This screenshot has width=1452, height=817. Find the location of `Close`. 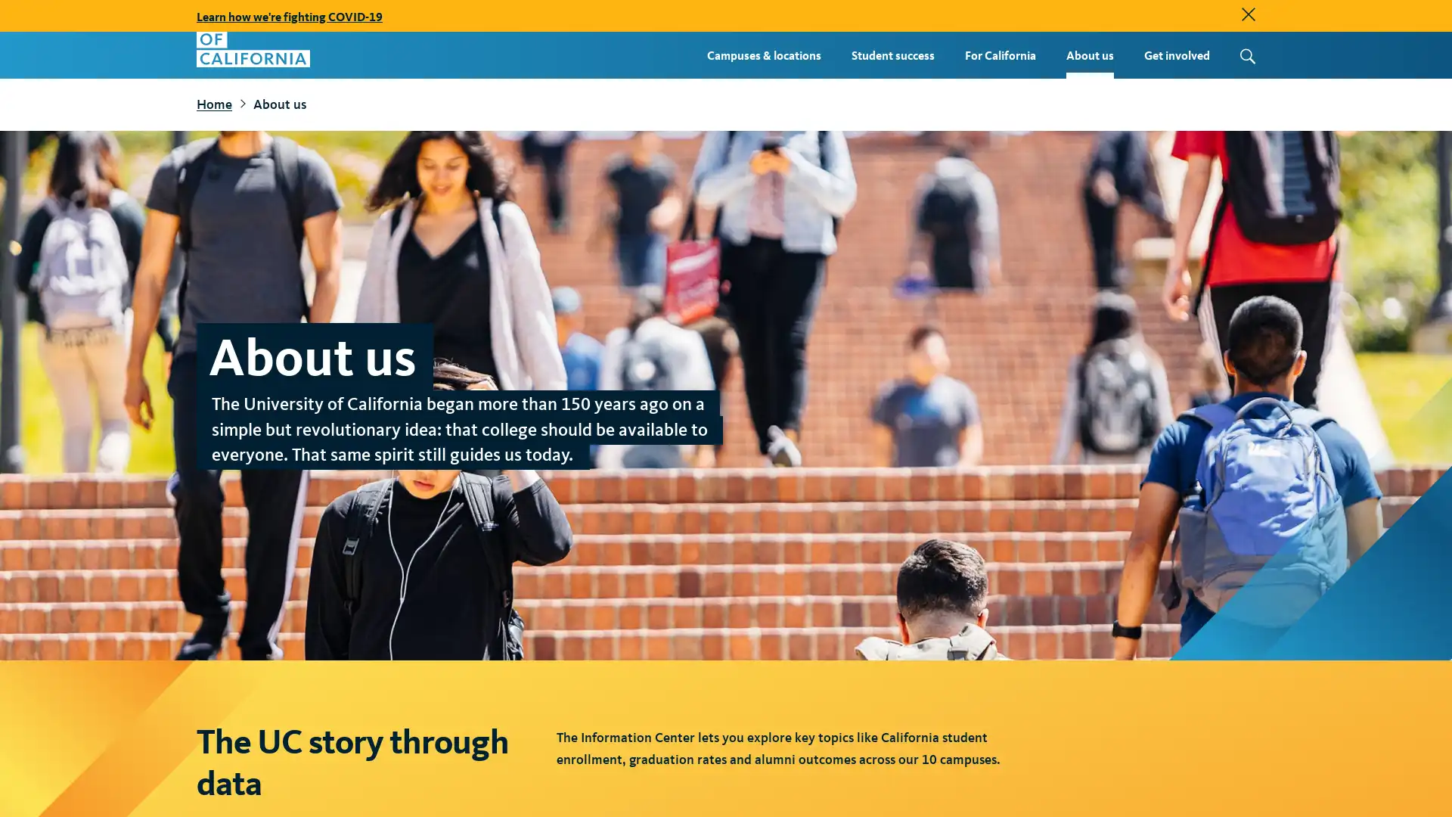

Close is located at coordinates (1249, 14).